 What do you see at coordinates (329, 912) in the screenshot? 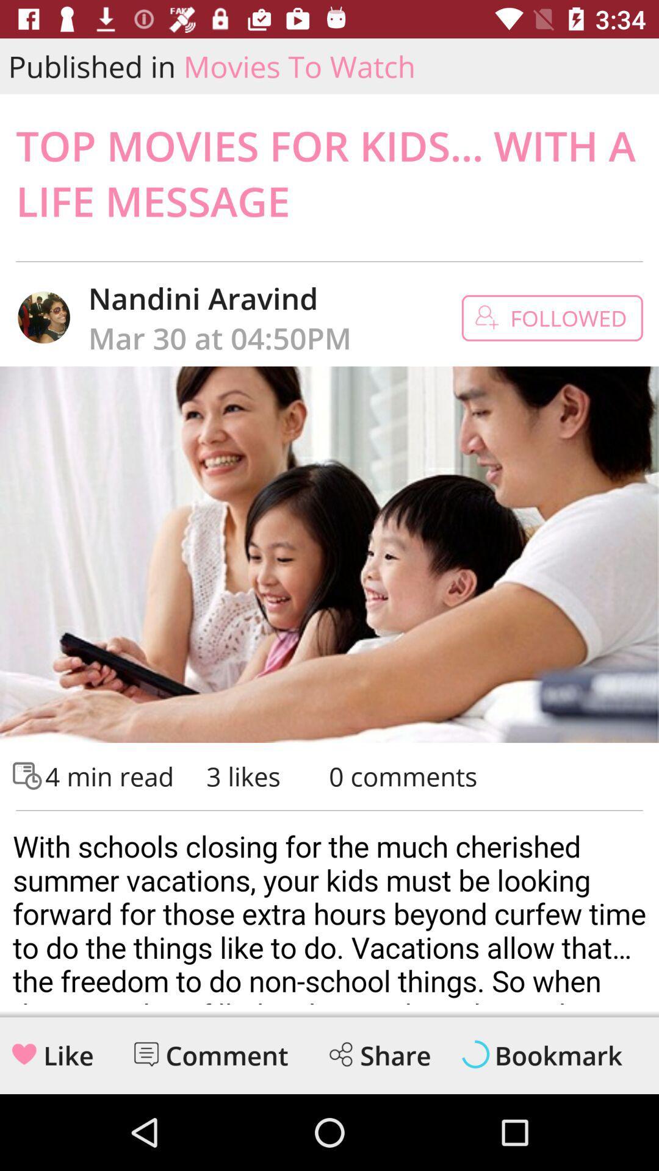
I see `description` at bounding box center [329, 912].